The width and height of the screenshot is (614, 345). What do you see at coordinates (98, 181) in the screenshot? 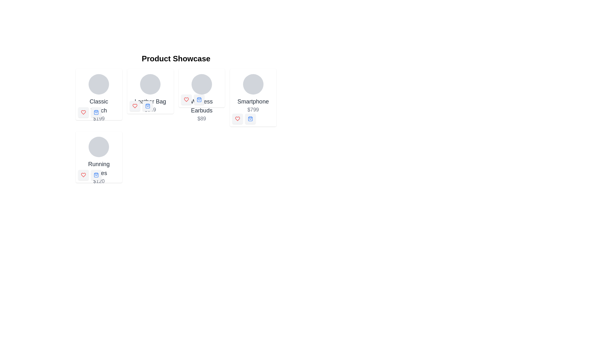
I see `the static text label displaying '$120', which is styled in subdued gray and located beneath the title 'Running Shoes' in the product card of the 'Product Showcase' interface` at bounding box center [98, 181].